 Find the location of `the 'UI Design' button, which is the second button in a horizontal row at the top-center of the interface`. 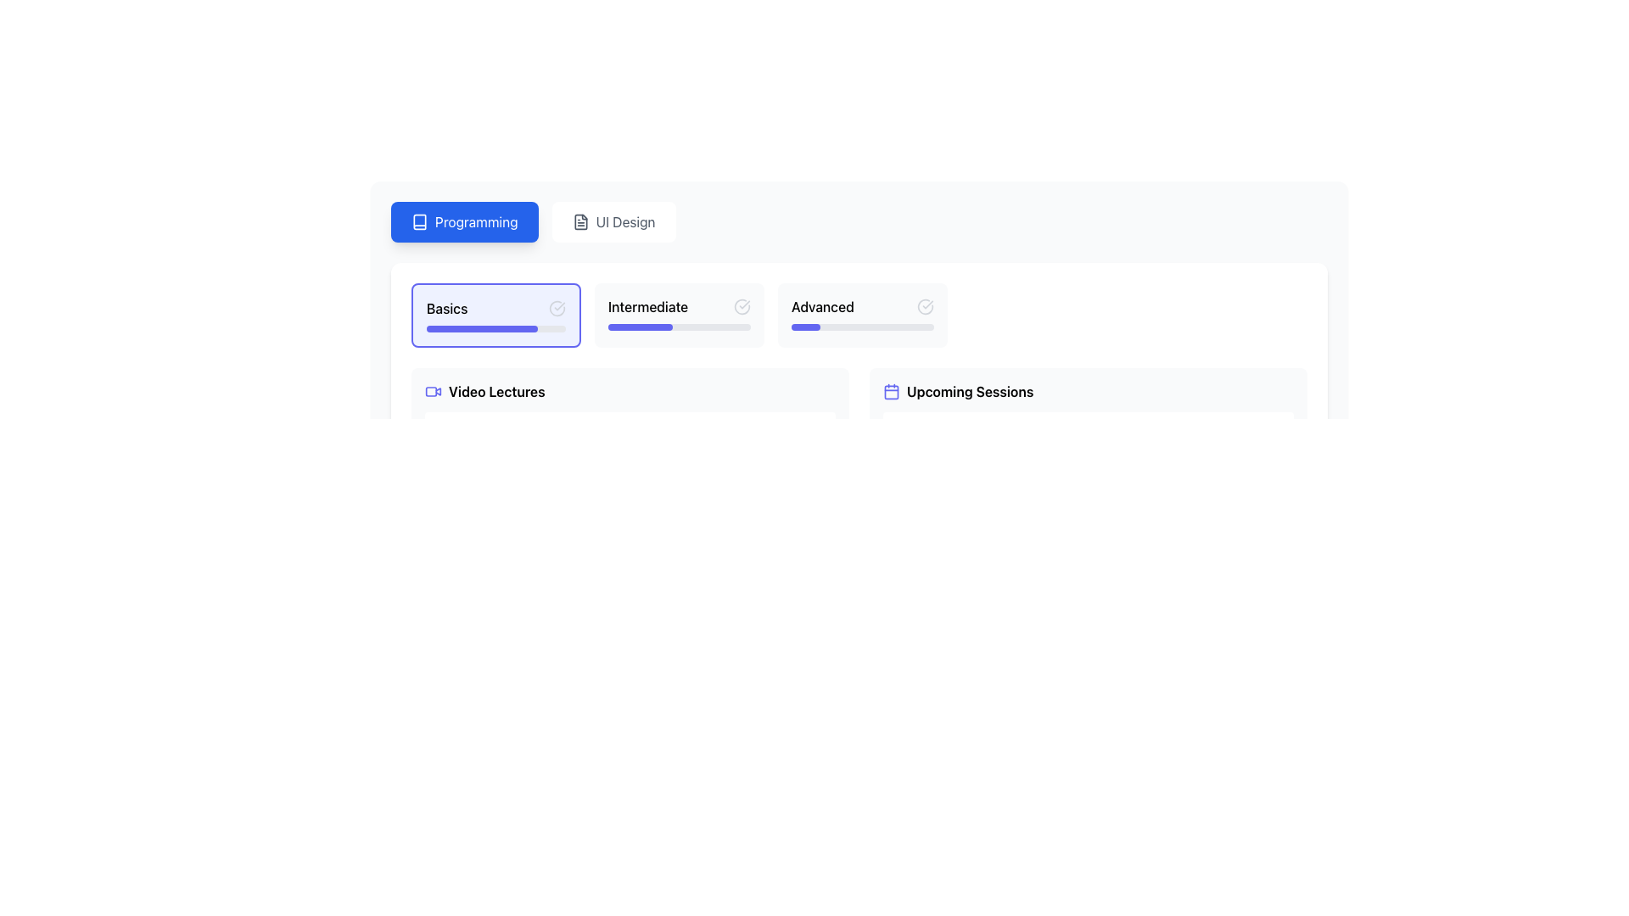

the 'UI Design' button, which is the second button in a horizontal row at the top-center of the interface is located at coordinates (613, 221).